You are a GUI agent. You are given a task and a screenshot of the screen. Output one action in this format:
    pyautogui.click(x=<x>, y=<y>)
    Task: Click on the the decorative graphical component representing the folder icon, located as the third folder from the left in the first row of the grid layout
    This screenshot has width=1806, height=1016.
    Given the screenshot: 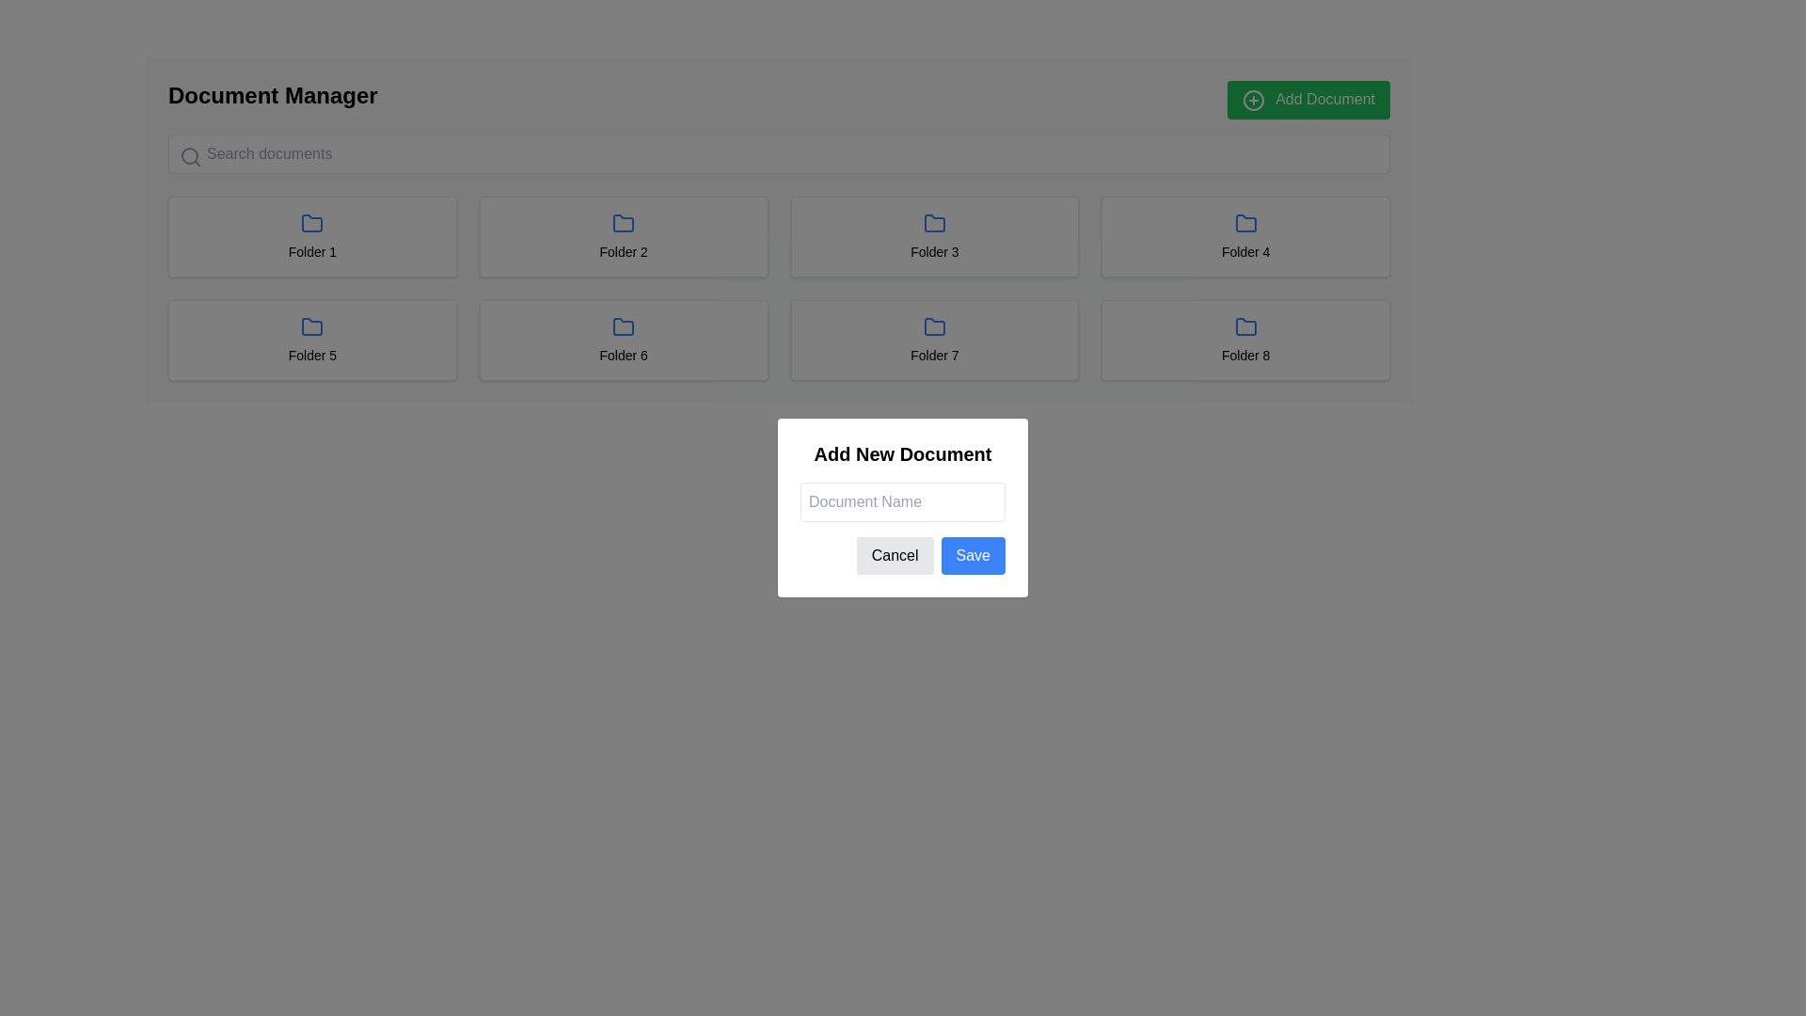 What is the action you would take?
    pyautogui.click(x=934, y=222)
    